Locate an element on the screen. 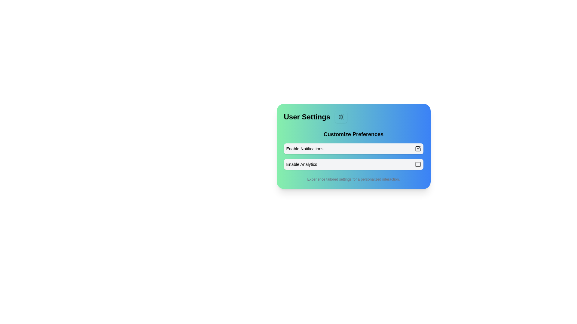  the checkbox for 'Enable Notifications' in the 'Customize Preferences' section is located at coordinates (417, 148).